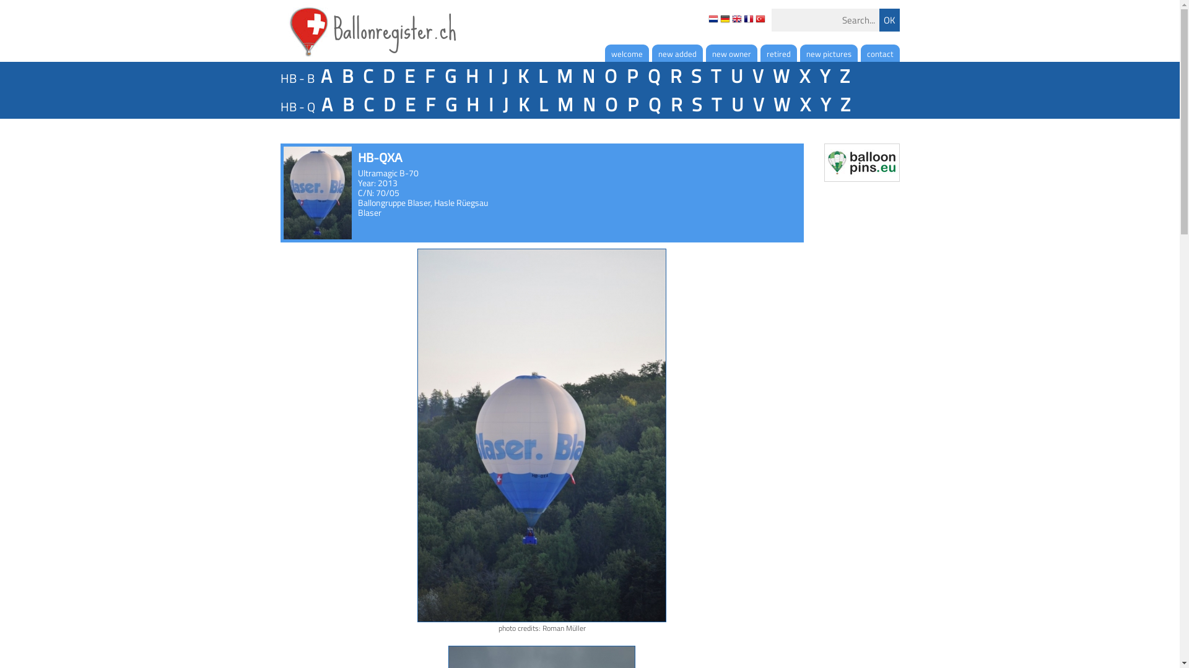  I want to click on 'D', so click(388, 76).